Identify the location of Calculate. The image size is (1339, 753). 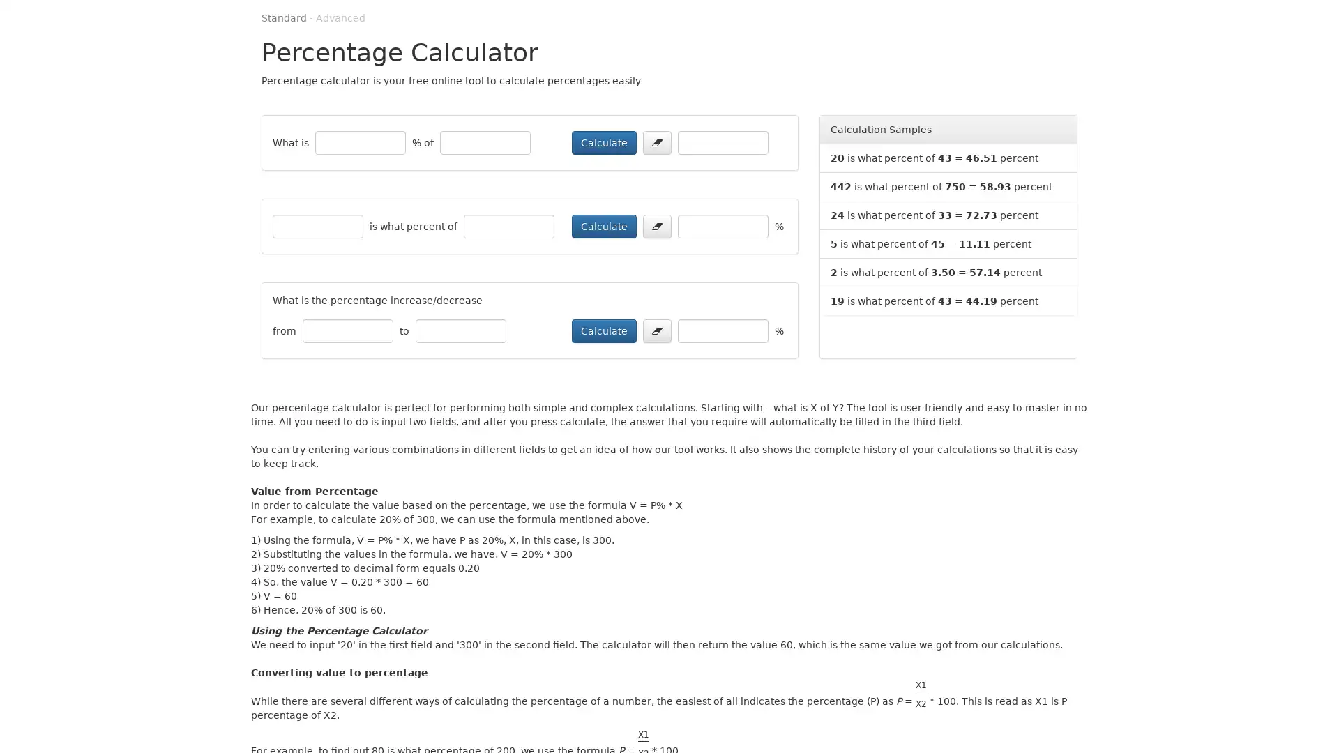
(604, 225).